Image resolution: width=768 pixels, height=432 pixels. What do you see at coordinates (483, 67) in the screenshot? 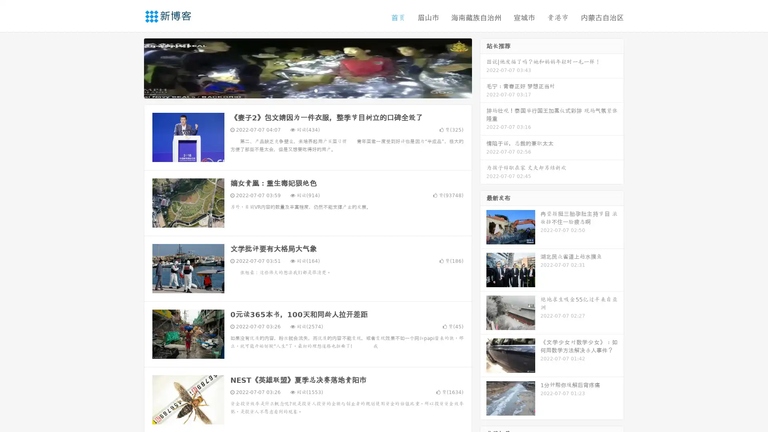
I see `Next slide` at bounding box center [483, 67].